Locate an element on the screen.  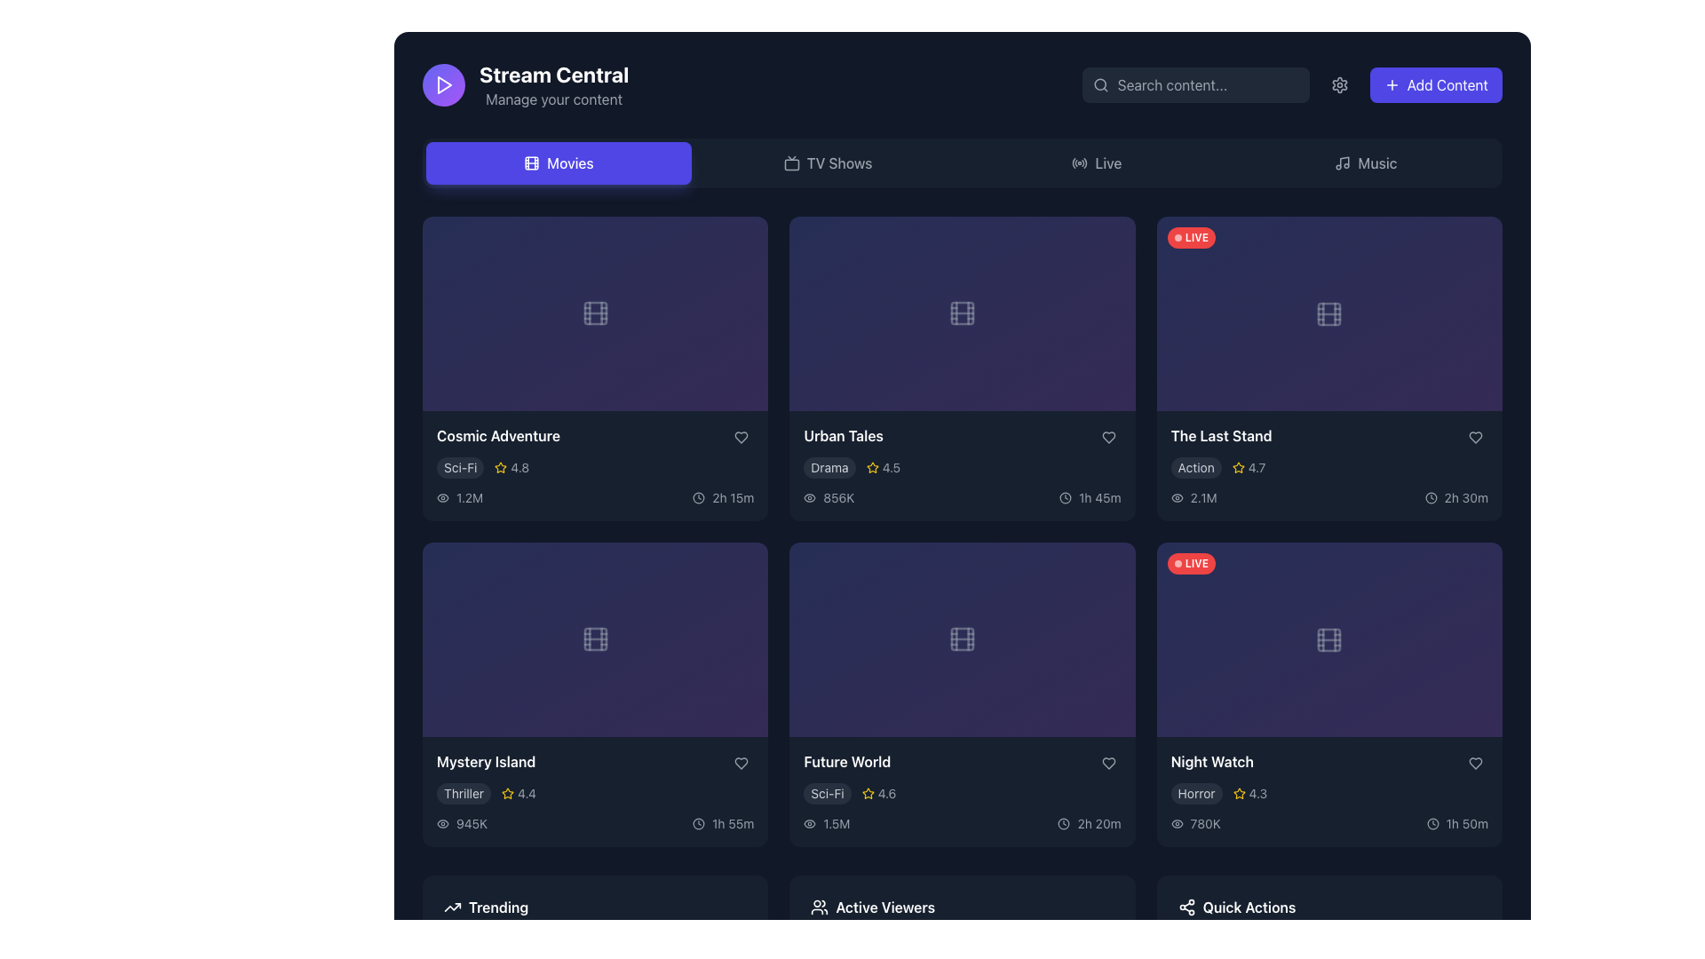
the fourth button in the horizontal navigation bar at the top of the interface to trigger its hover style effects is located at coordinates (1365, 163).